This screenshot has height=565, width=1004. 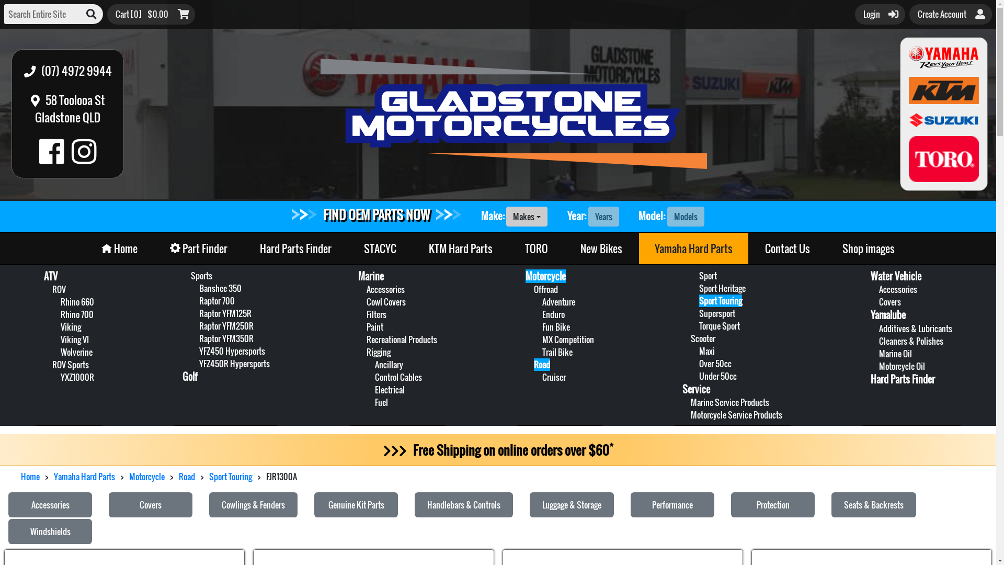 I want to click on 'Sport Heritage', so click(x=722, y=288).